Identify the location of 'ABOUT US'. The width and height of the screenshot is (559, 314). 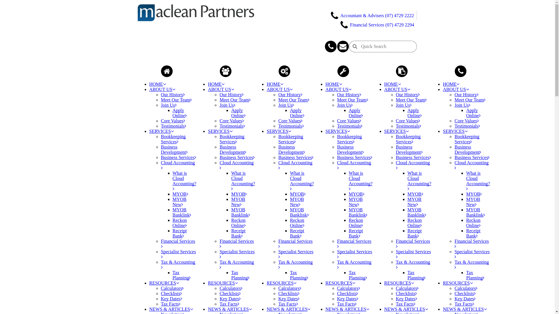
(162, 89).